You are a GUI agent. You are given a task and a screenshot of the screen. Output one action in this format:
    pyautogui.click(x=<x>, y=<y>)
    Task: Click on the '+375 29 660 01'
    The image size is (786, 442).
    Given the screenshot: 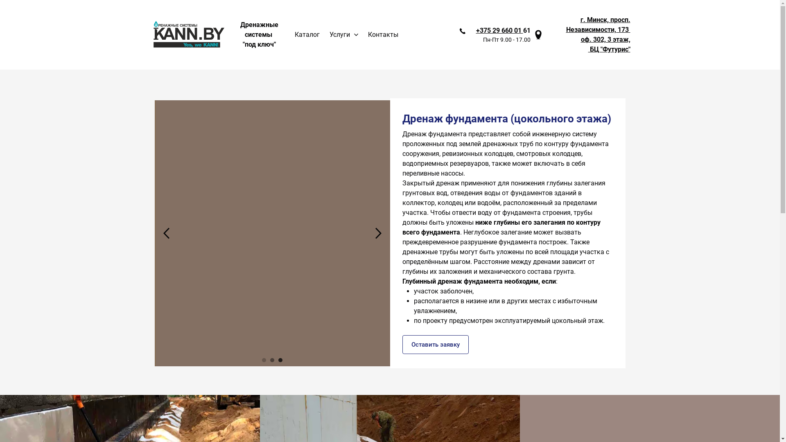 What is the action you would take?
    pyautogui.click(x=499, y=29)
    